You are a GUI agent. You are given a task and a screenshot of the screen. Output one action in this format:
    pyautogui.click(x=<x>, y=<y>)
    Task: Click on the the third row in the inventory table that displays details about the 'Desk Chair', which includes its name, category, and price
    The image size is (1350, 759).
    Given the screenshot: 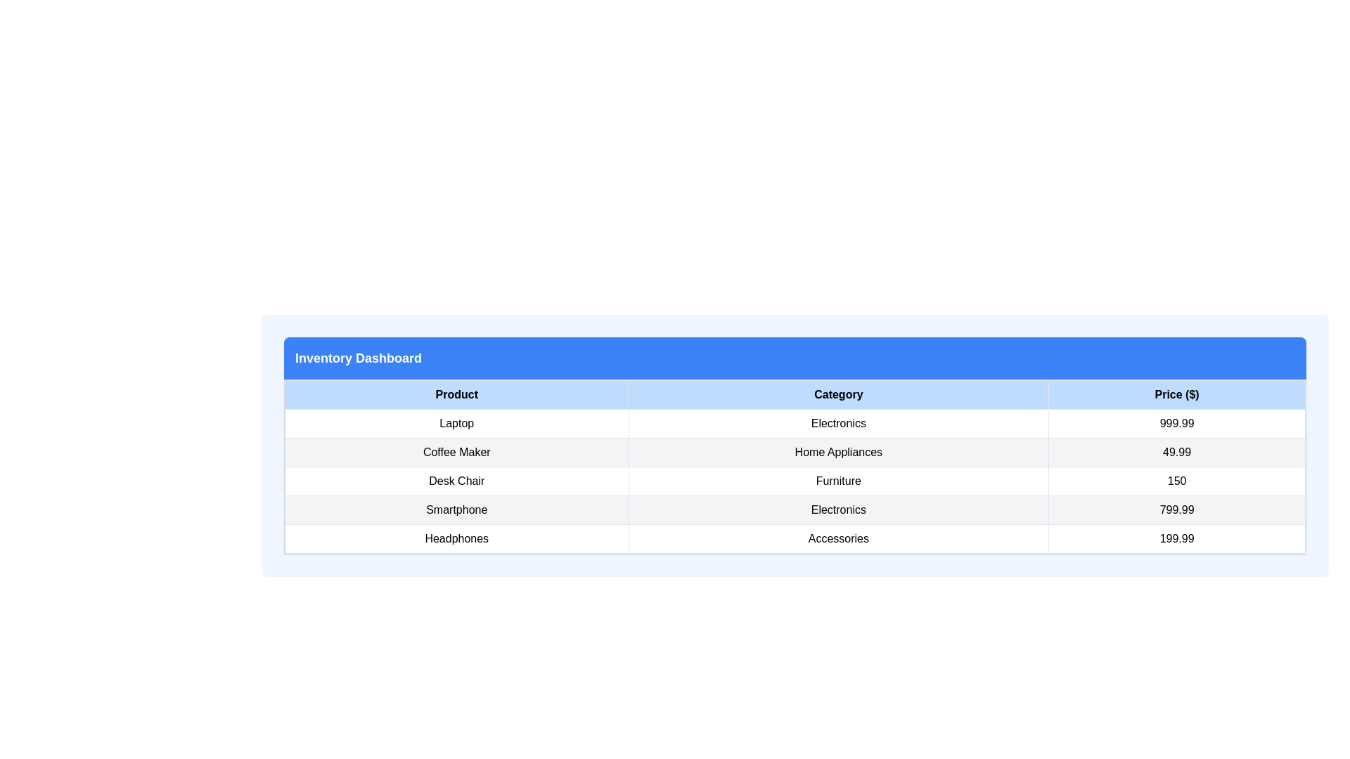 What is the action you would take?
    pyautogui.click(x=795, y=481)
    